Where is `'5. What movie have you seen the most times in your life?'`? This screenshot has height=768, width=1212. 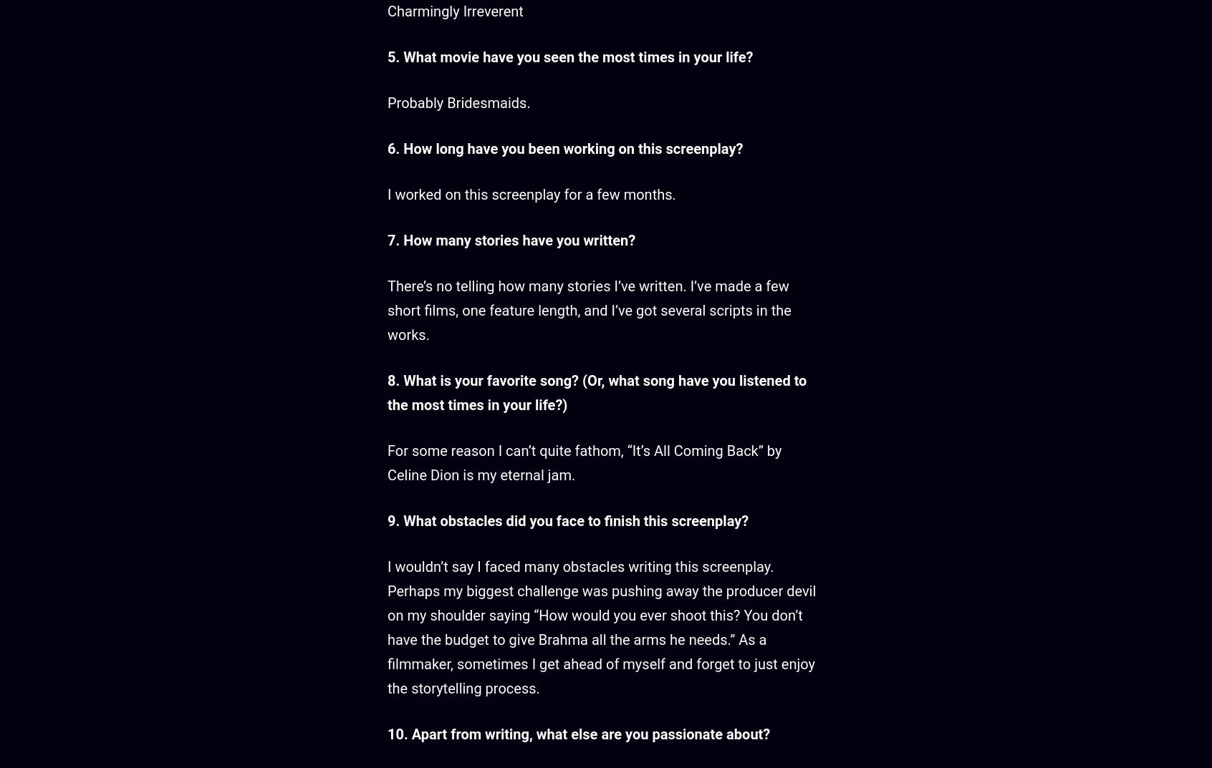
'5. What movie have you seen the most times in your life?' is located at coordinates (569, 57).